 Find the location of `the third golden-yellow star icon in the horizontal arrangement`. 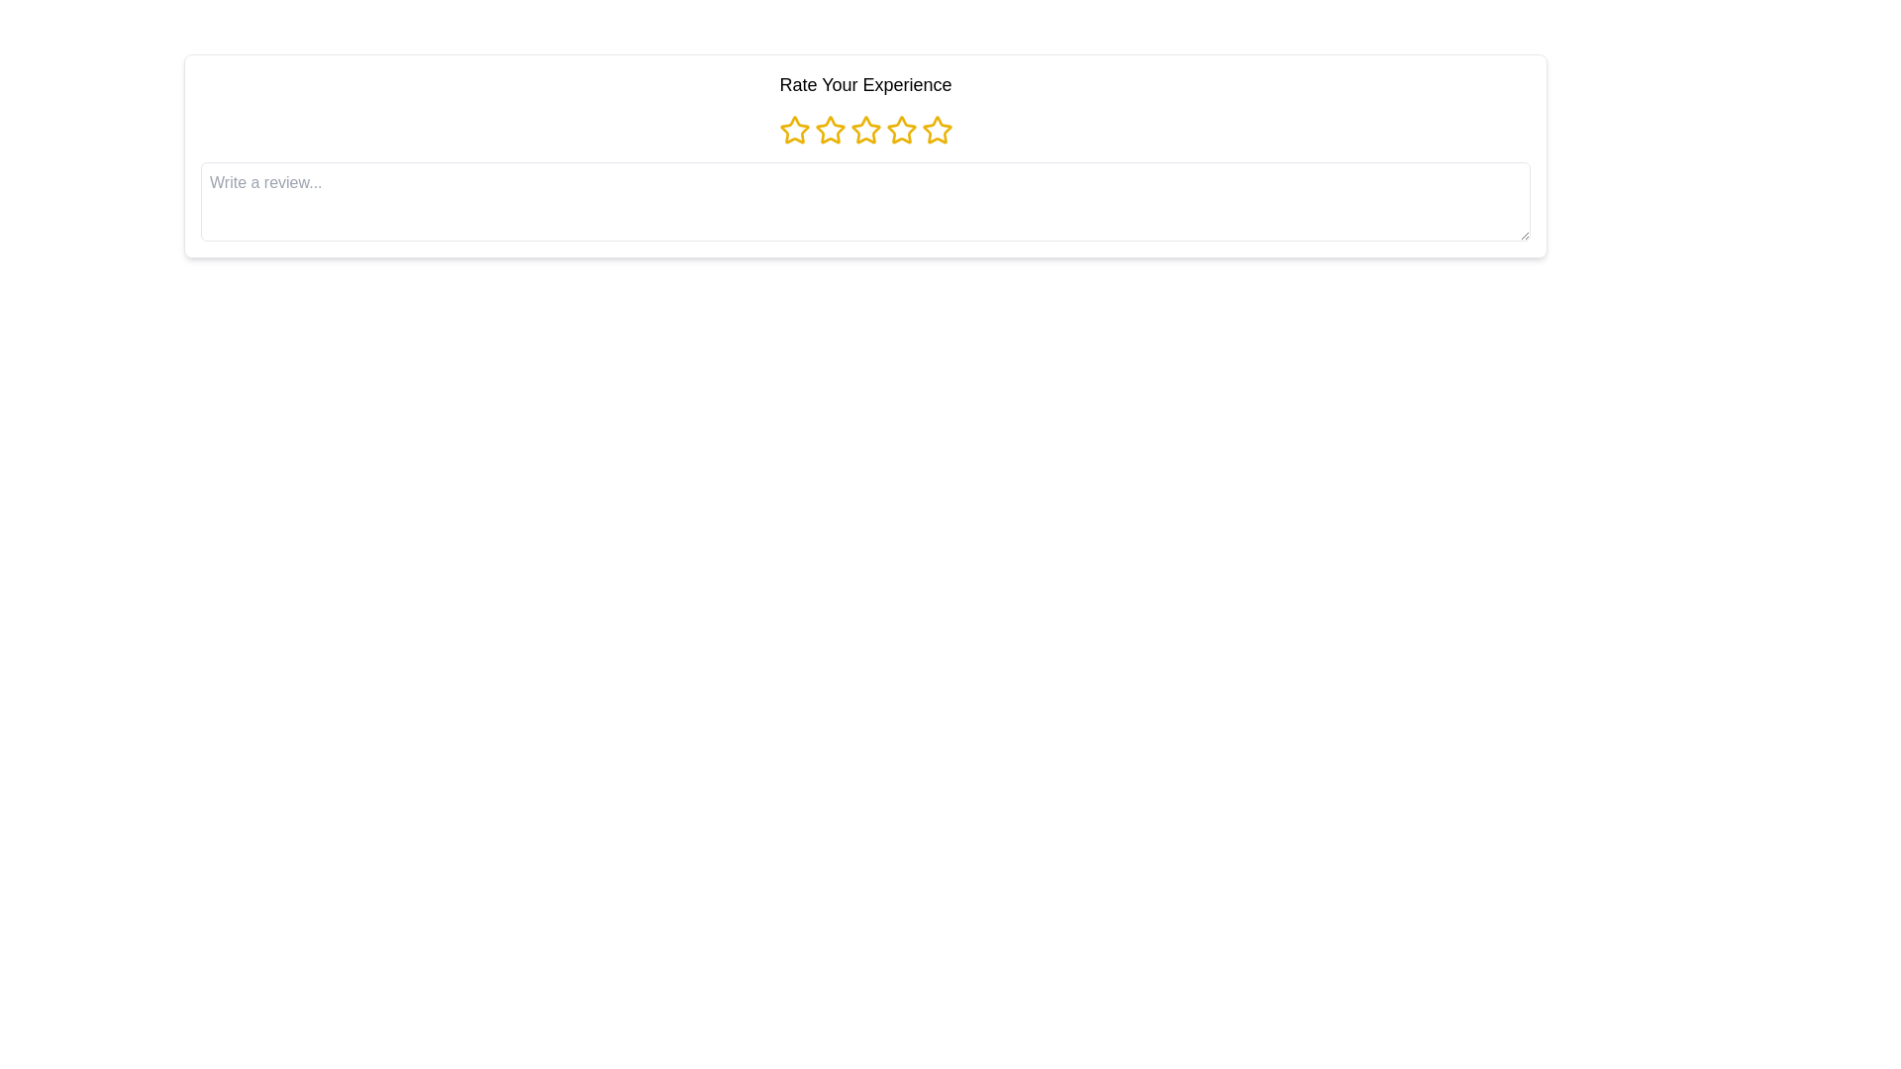

the third golden-yellow star icon in the horizontal arrangement is located at coordinates (865, 130).